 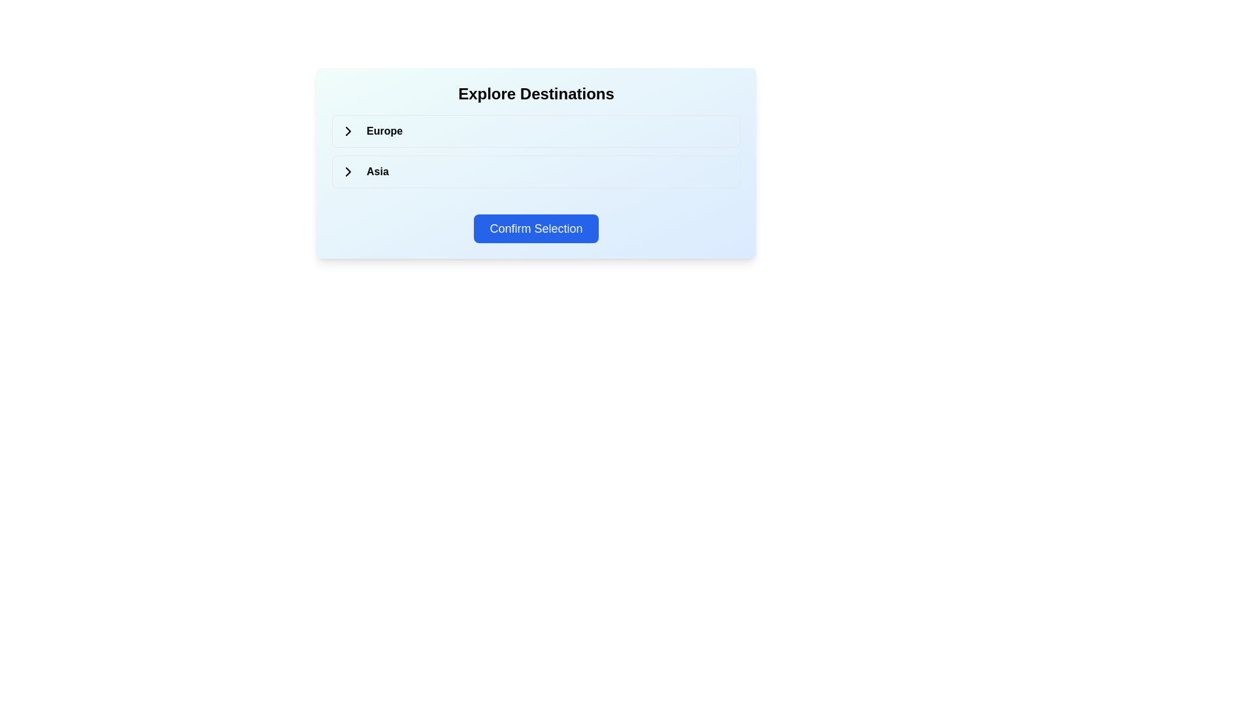 What do you see at coordinates (348, 171) in the screenshot?
I see `the right-pointing arrow icon located to the left of the text 'Asia' in the second row of the list` at bounding box center [348, 171].